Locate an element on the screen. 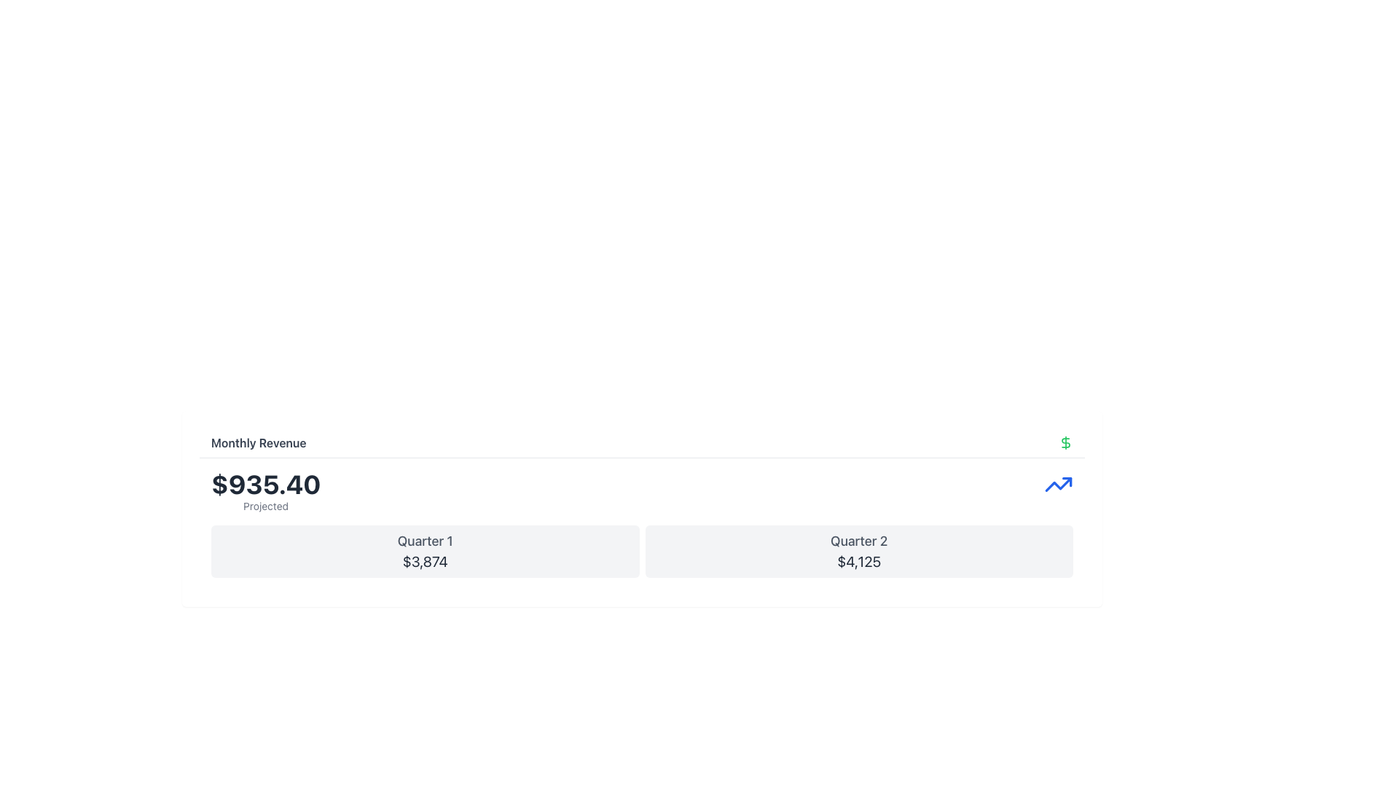 This screenshot has height=787, width=1399. the Informational Card displaying Quarter 1 financial information with a revenue amount of $3,874, located in the first column of a two-column grid below the 'Monthly Revenue' header is located at coordinates (424, 551).